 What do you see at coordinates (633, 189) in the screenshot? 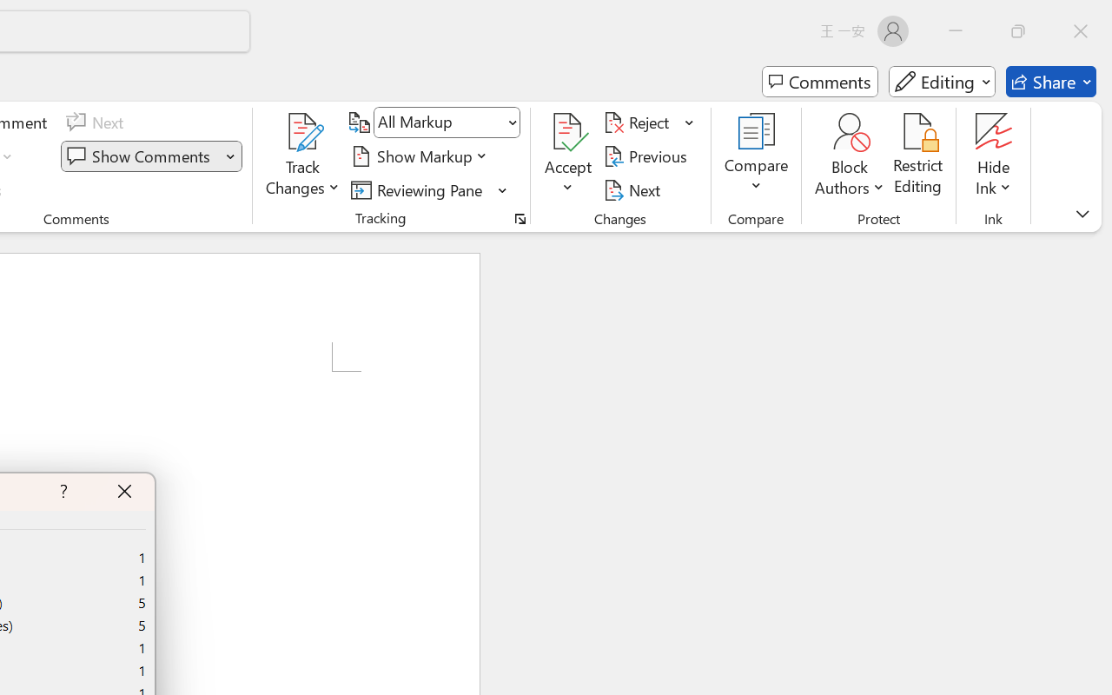
I see `'Next'` at bounding box center [633, 189].